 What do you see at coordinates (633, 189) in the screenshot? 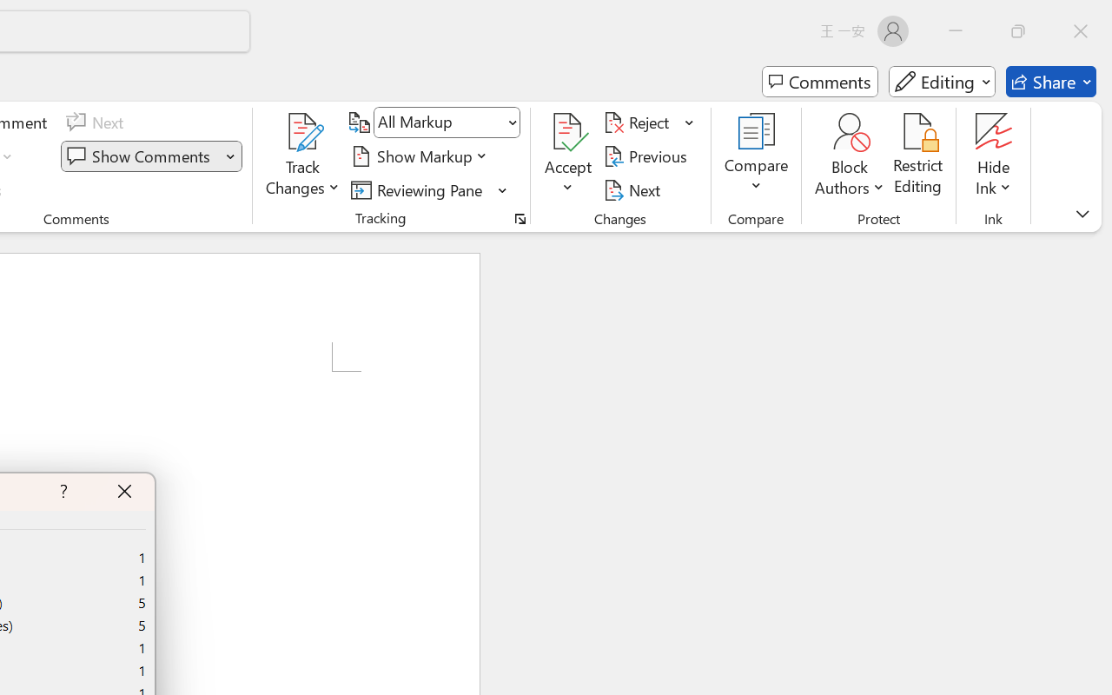
I see `'Next'` at bounding box center [633, 189].